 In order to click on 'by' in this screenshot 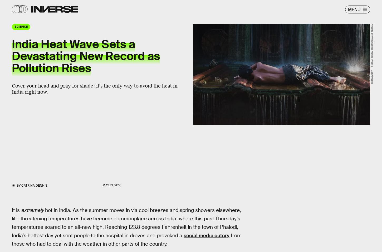, I will do `click(18, 185)`.